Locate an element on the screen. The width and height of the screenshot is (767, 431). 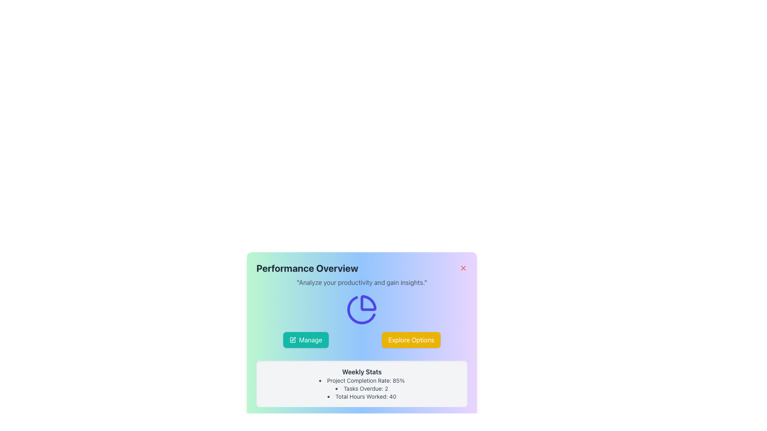
text label displaying 'Total Hours Worked: 40', which is the third item in the bulleted list under 'Weekly Stats' is located at coordinates (362, 397).